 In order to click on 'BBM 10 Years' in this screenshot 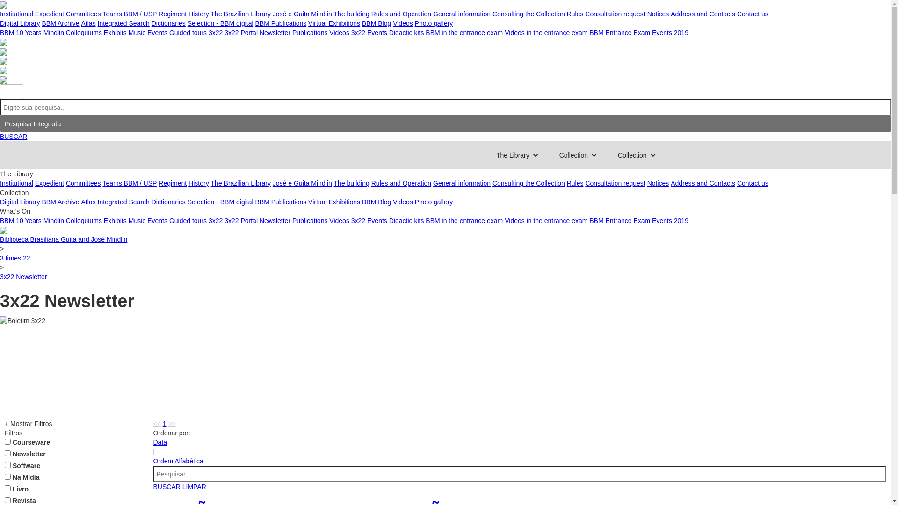, I will do `click(21, 32)`.